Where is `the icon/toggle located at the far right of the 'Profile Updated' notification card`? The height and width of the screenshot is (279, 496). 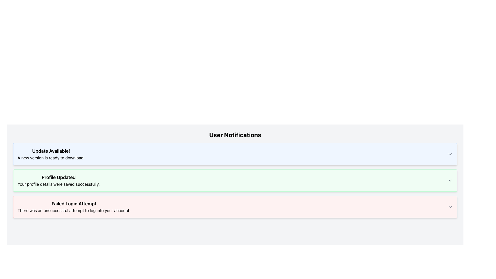
the icon/toggle located at the far right of the 'Profile Updated' notification card is located at coordinates (450, 180).